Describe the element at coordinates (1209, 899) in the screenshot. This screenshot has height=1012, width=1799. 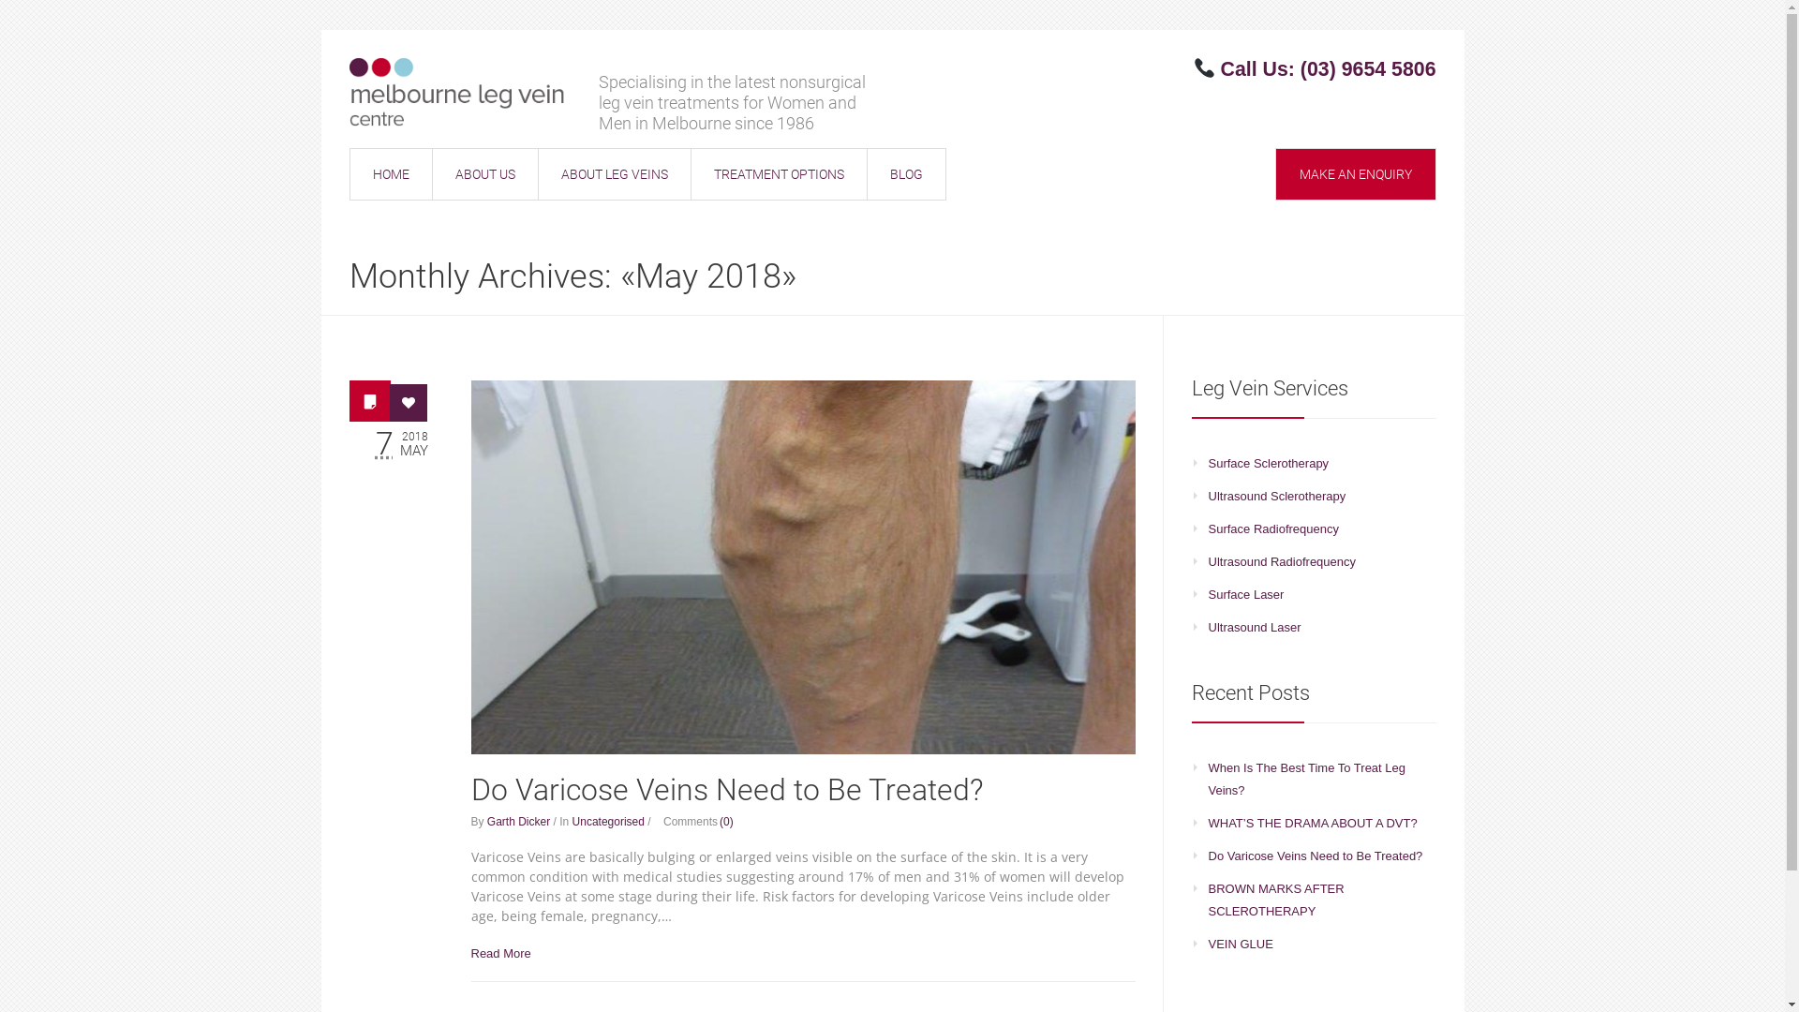
I see `'BROWN MARKS AFTER SCLEROTHERAPY'` at that location.